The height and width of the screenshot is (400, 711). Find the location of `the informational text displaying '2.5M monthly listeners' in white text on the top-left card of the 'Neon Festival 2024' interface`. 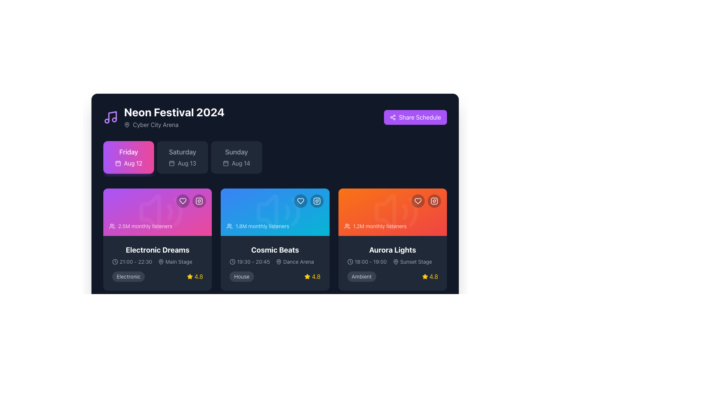

the informational text displaying '2.5M monthly listeners' in white text on the top-left card of the 'Neon Festival 2024' interface is located at coordinates (145, 226).